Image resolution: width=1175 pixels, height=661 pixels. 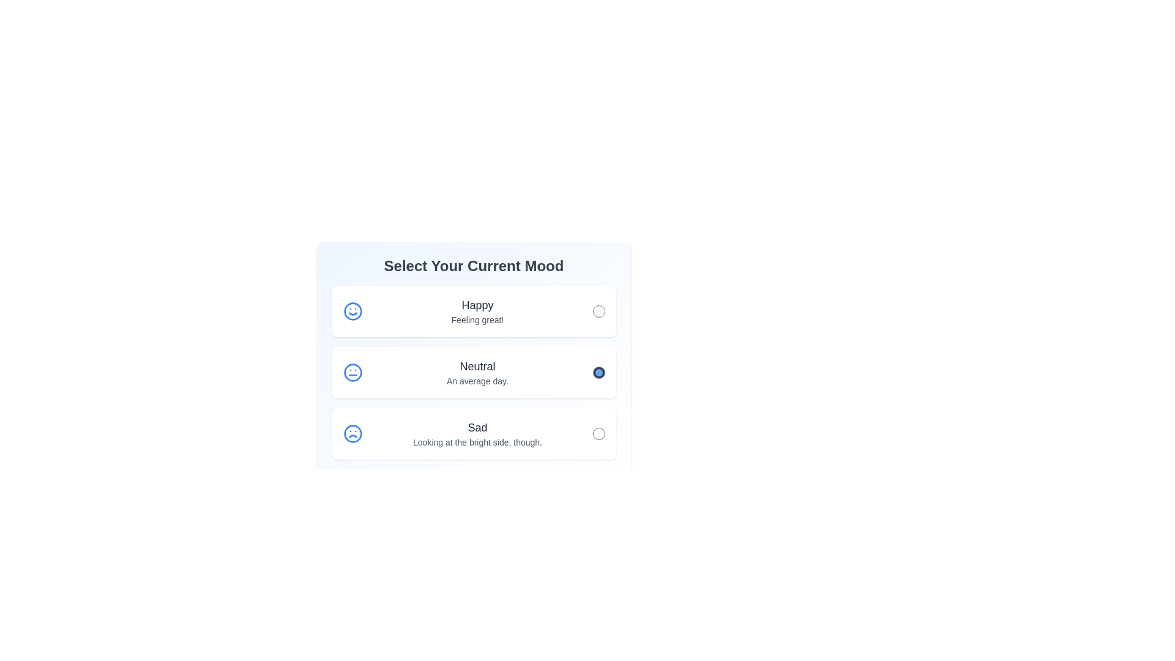 I want to click on the text label that displays 'Feeling great!' which is styled in a smaller font size and grayish tone, positioned below the header 'Happy', so click(x=477, y=319).